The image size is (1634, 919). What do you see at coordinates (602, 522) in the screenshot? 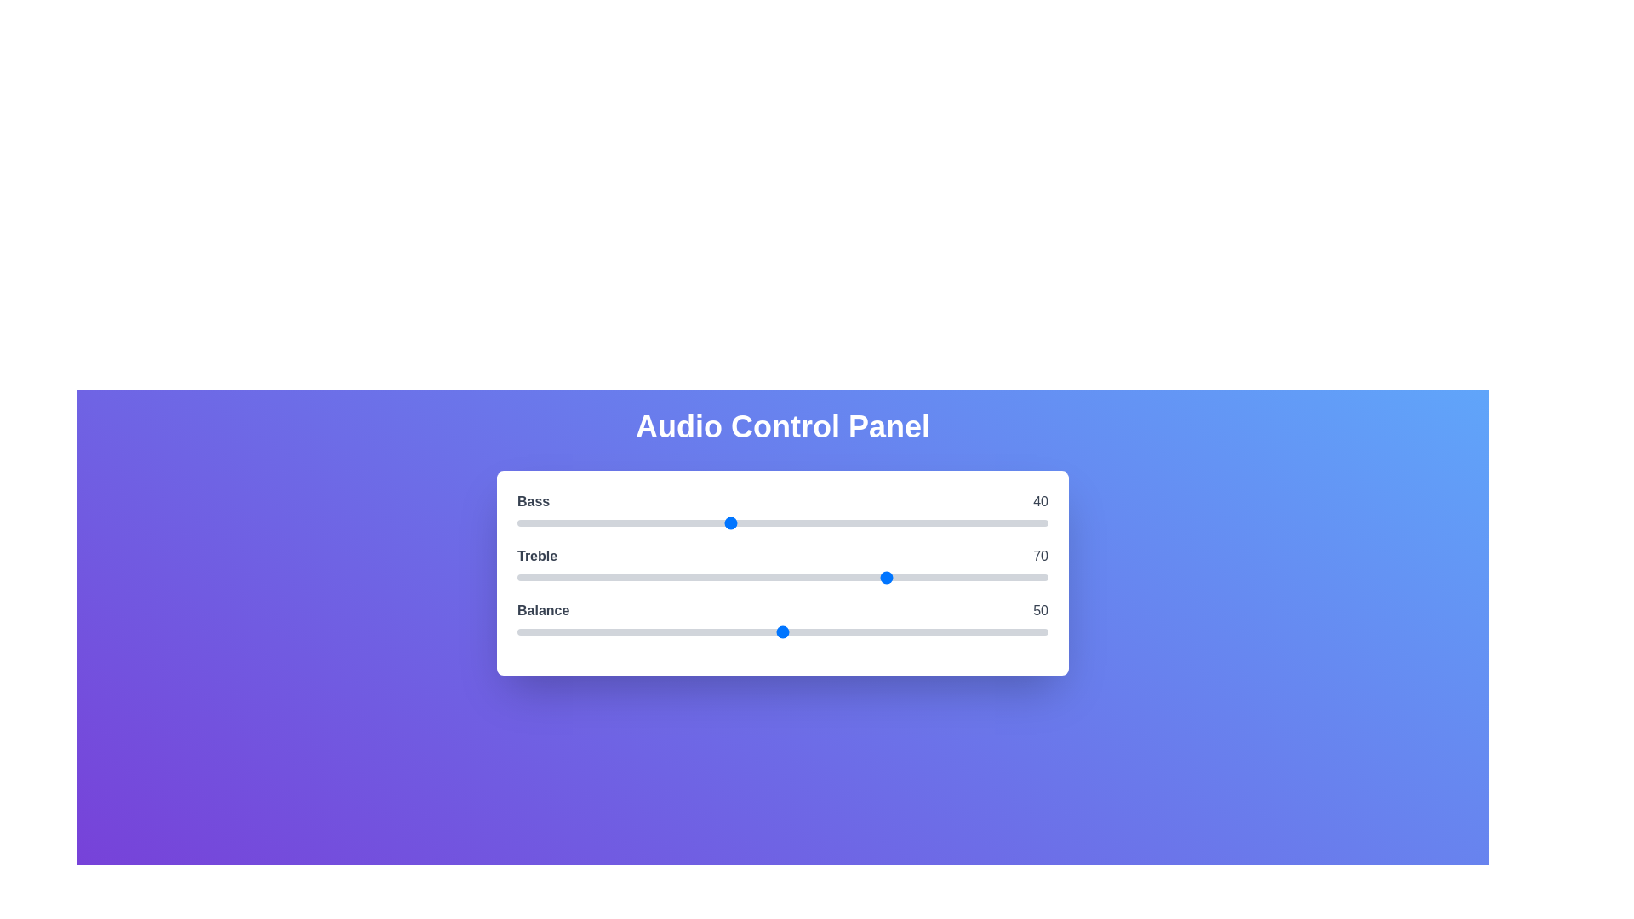
I see `the 0 slider to 16` at bounding box center [602, 522].